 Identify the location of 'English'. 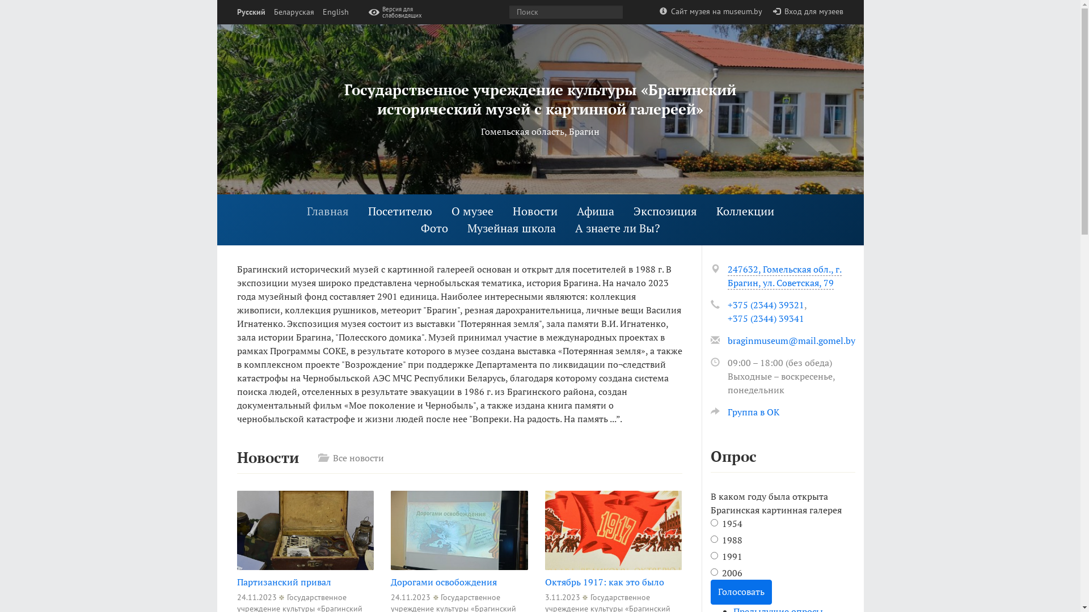
(334, 12).